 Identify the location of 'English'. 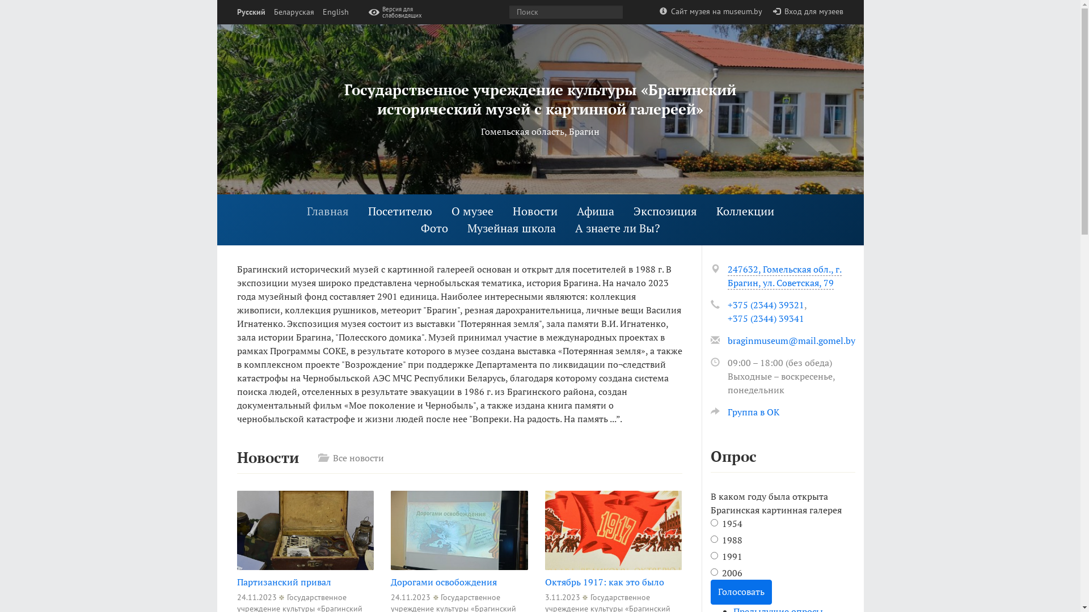
(334, 12).